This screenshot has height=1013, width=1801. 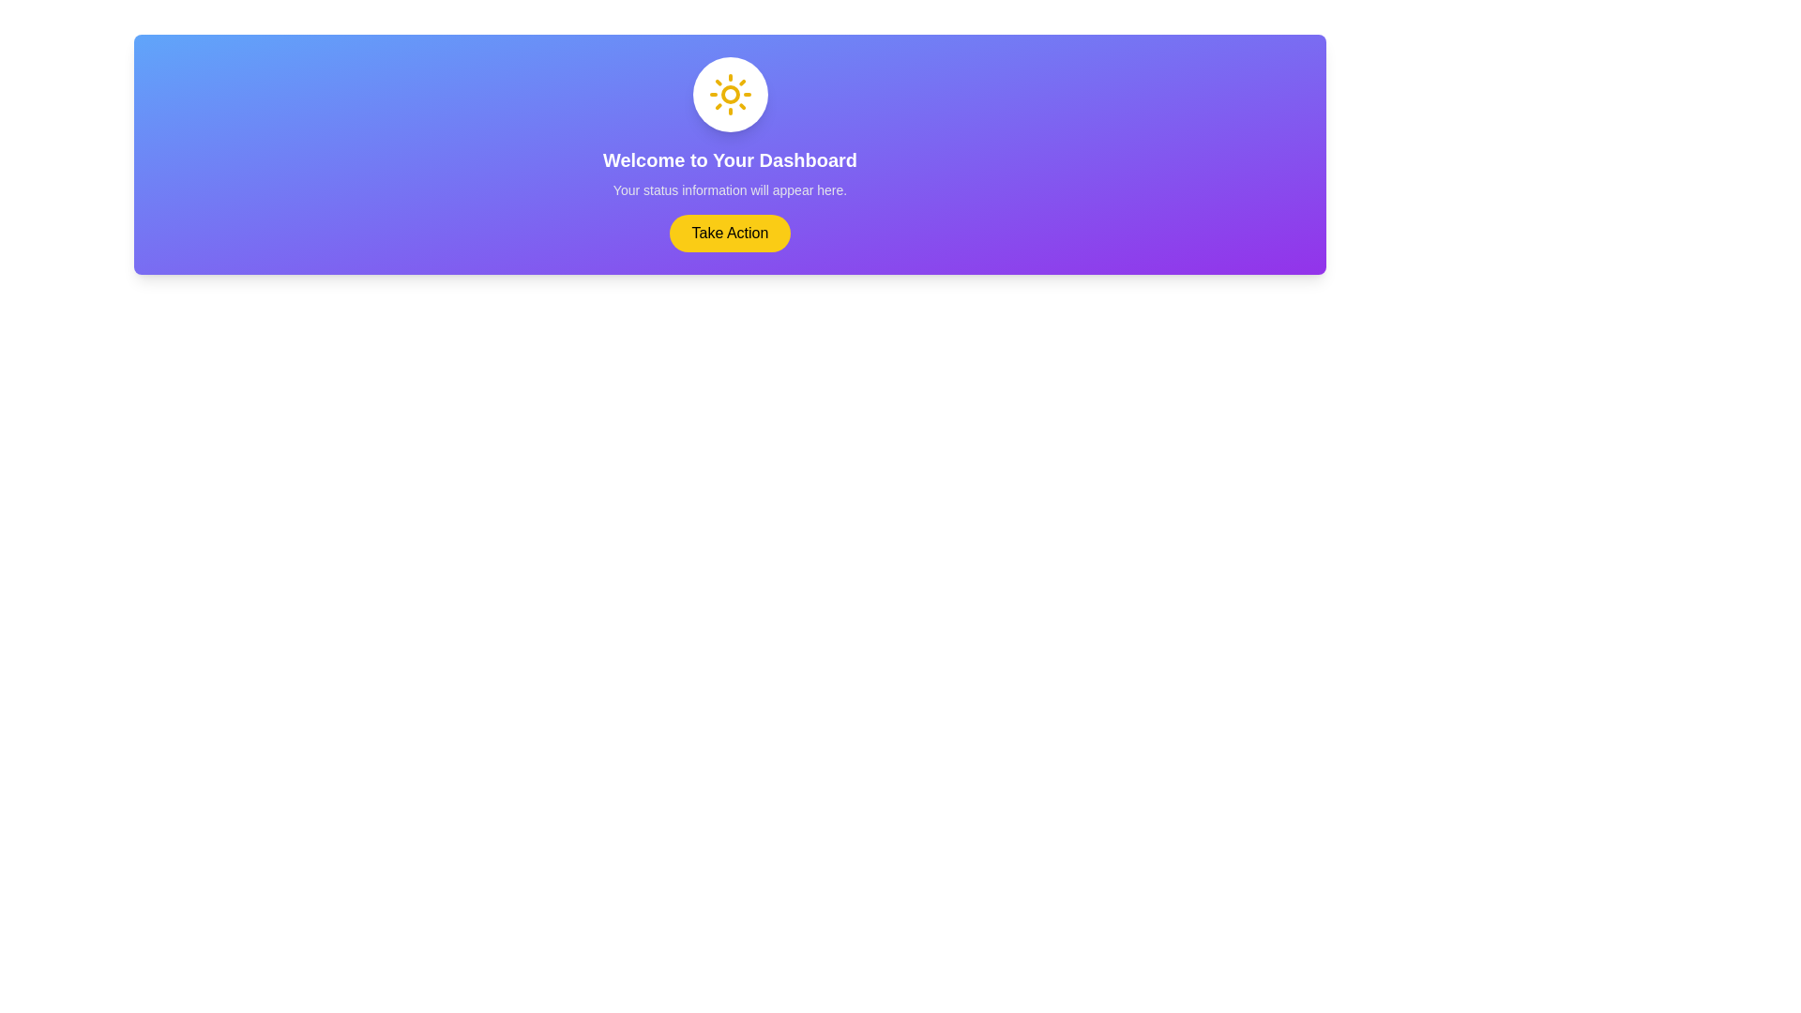 I want to click on the informational text block located below the sun icon, so click(x=729, y=174).